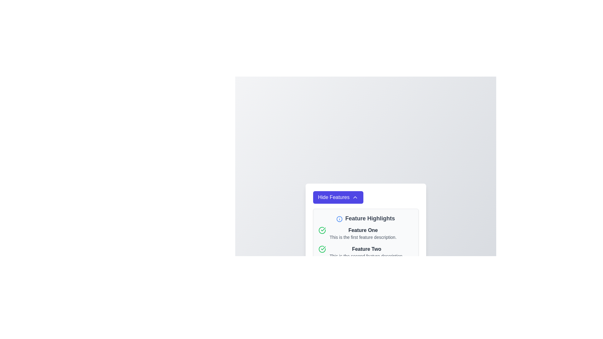 The width and height of the screenshot is (603, 339). What do you see at coordinates (366, 218) in the screenshot?
I see `header labeled 'Feature Highlights' which is centered and bold, positioned below the 'Hide Features' button` at bounding box center [366, 218].